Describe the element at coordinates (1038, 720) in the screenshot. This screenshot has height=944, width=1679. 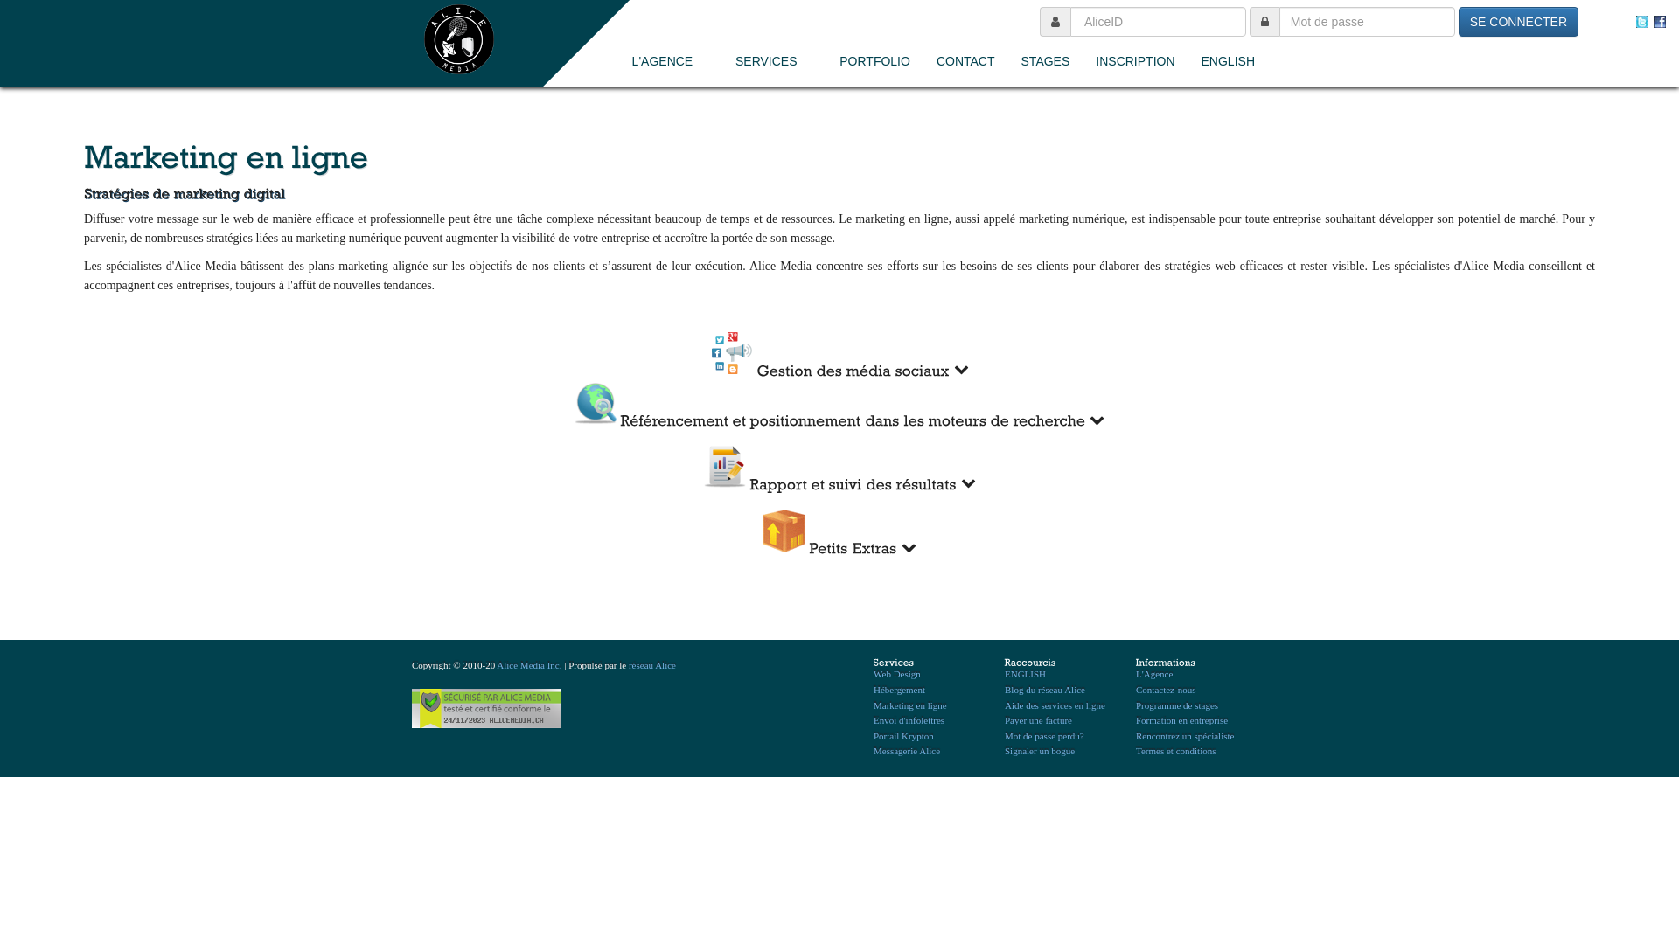
I see `'Payer une facture'` at that location.